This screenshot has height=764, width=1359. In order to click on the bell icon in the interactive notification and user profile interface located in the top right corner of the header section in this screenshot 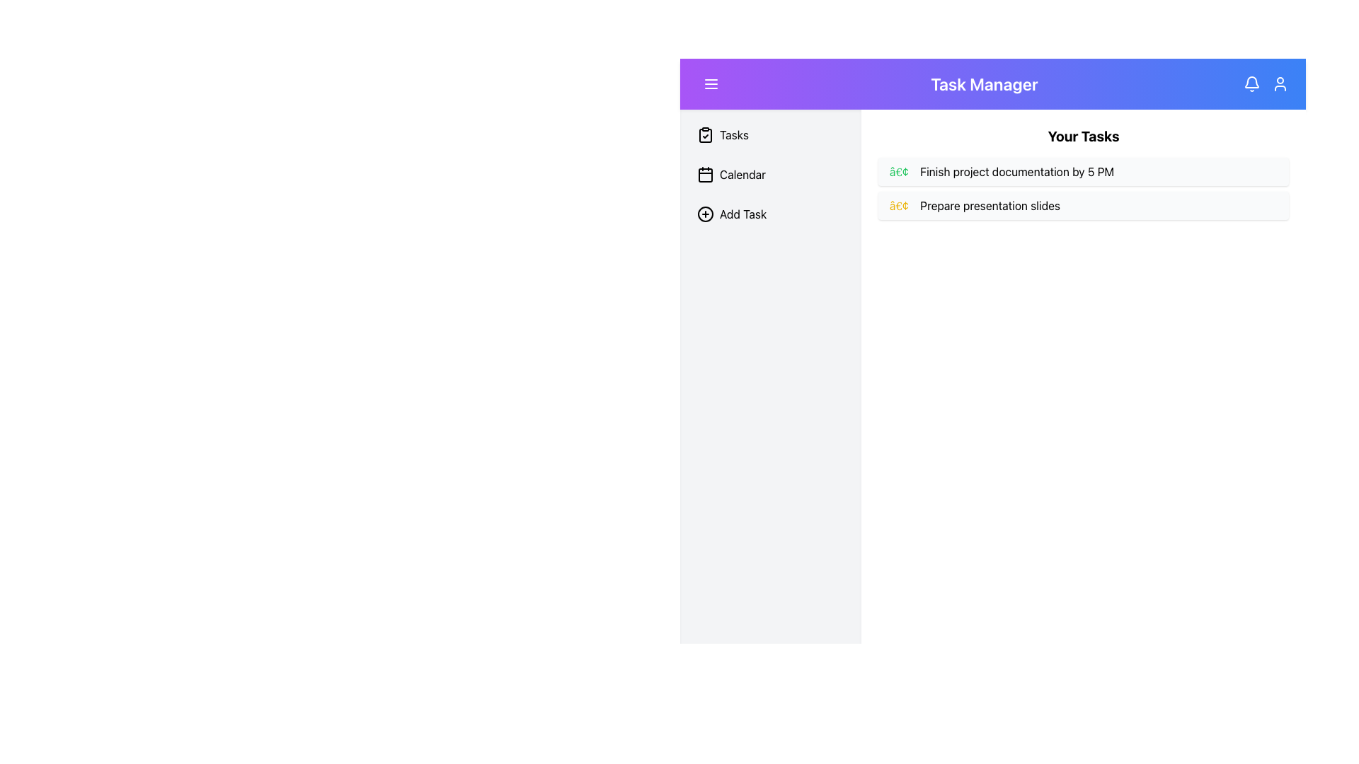, I will do `click(1266, 84)`.